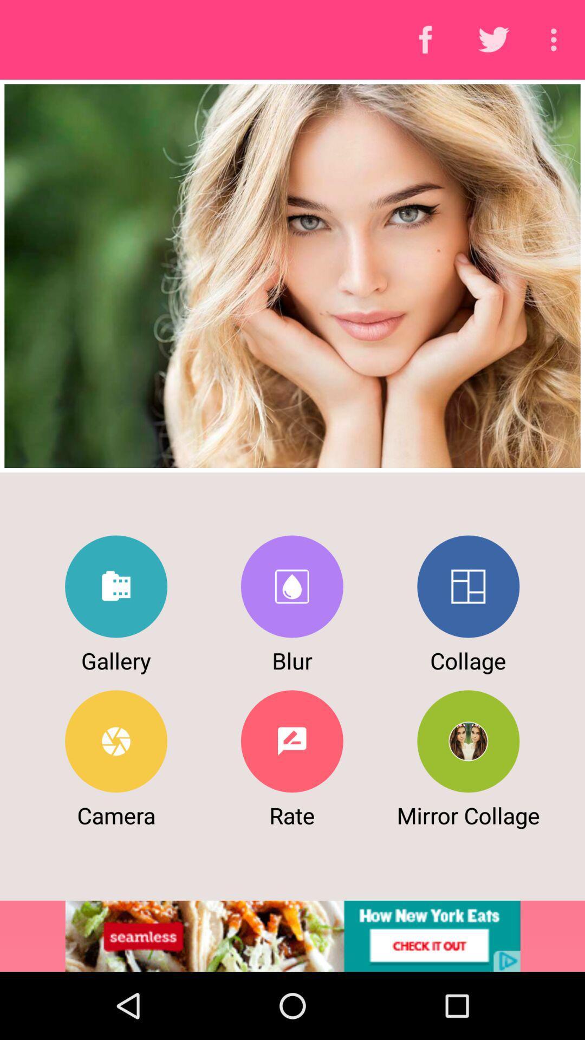 The width and height of the screenshot is (585, 1040). Describe the element at coordinates (116, 586) in the screenshot. I see `to gallery option` at that location.